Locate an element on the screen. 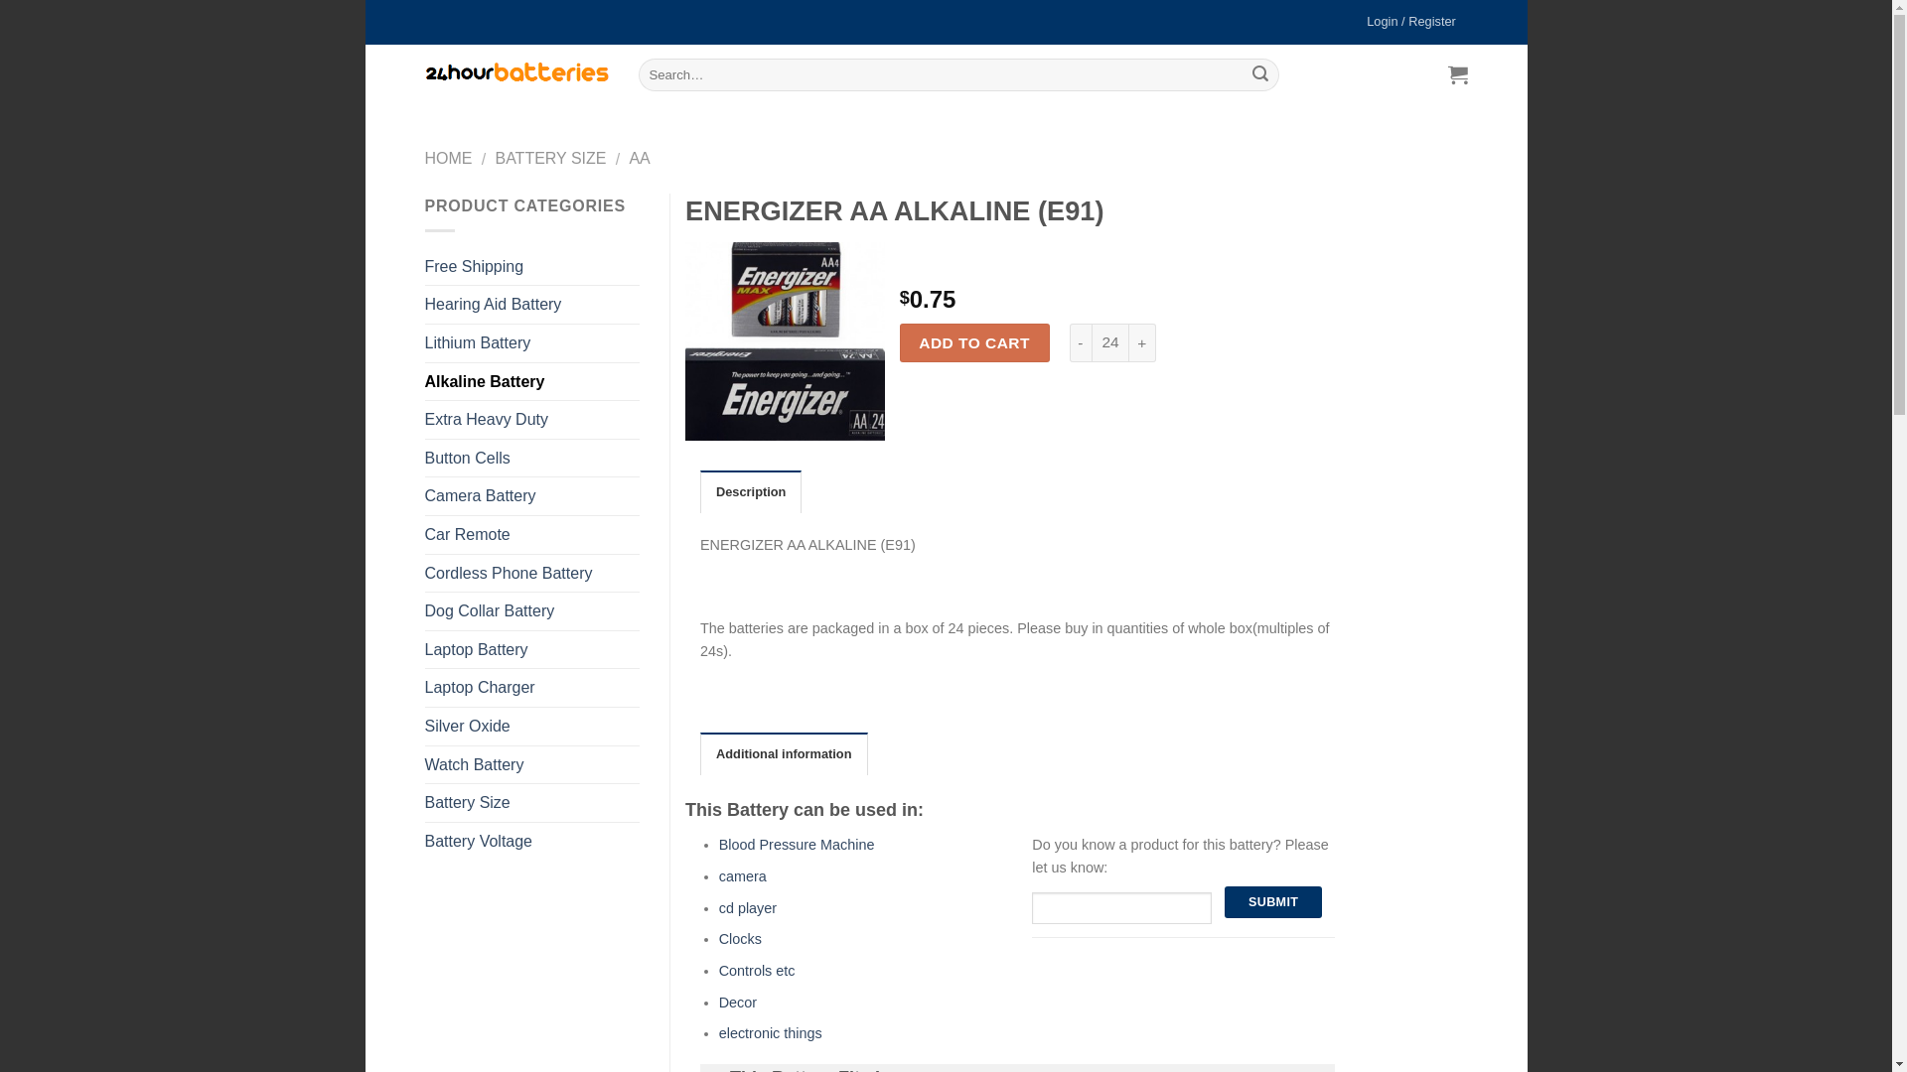 This screenshot has width=1907, height=1072. 'Additional information' is located at coordinates (783, 753).